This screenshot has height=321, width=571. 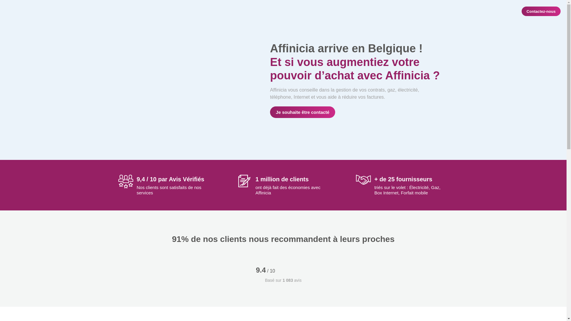 What do you see at coordinates (541, 11) in the screenshot?
I see `'Contactez-nous'` at bounding box center [541, 11].